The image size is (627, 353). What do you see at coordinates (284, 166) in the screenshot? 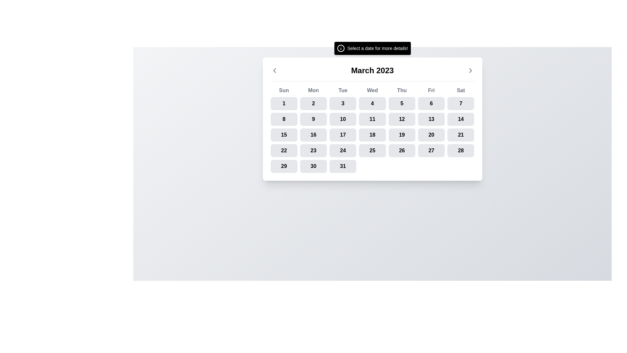
I see `the calendar cell representing March 29, 2023, which is the sixth item in the last row under the 'Sun' column` at bounding box center [284, 166].